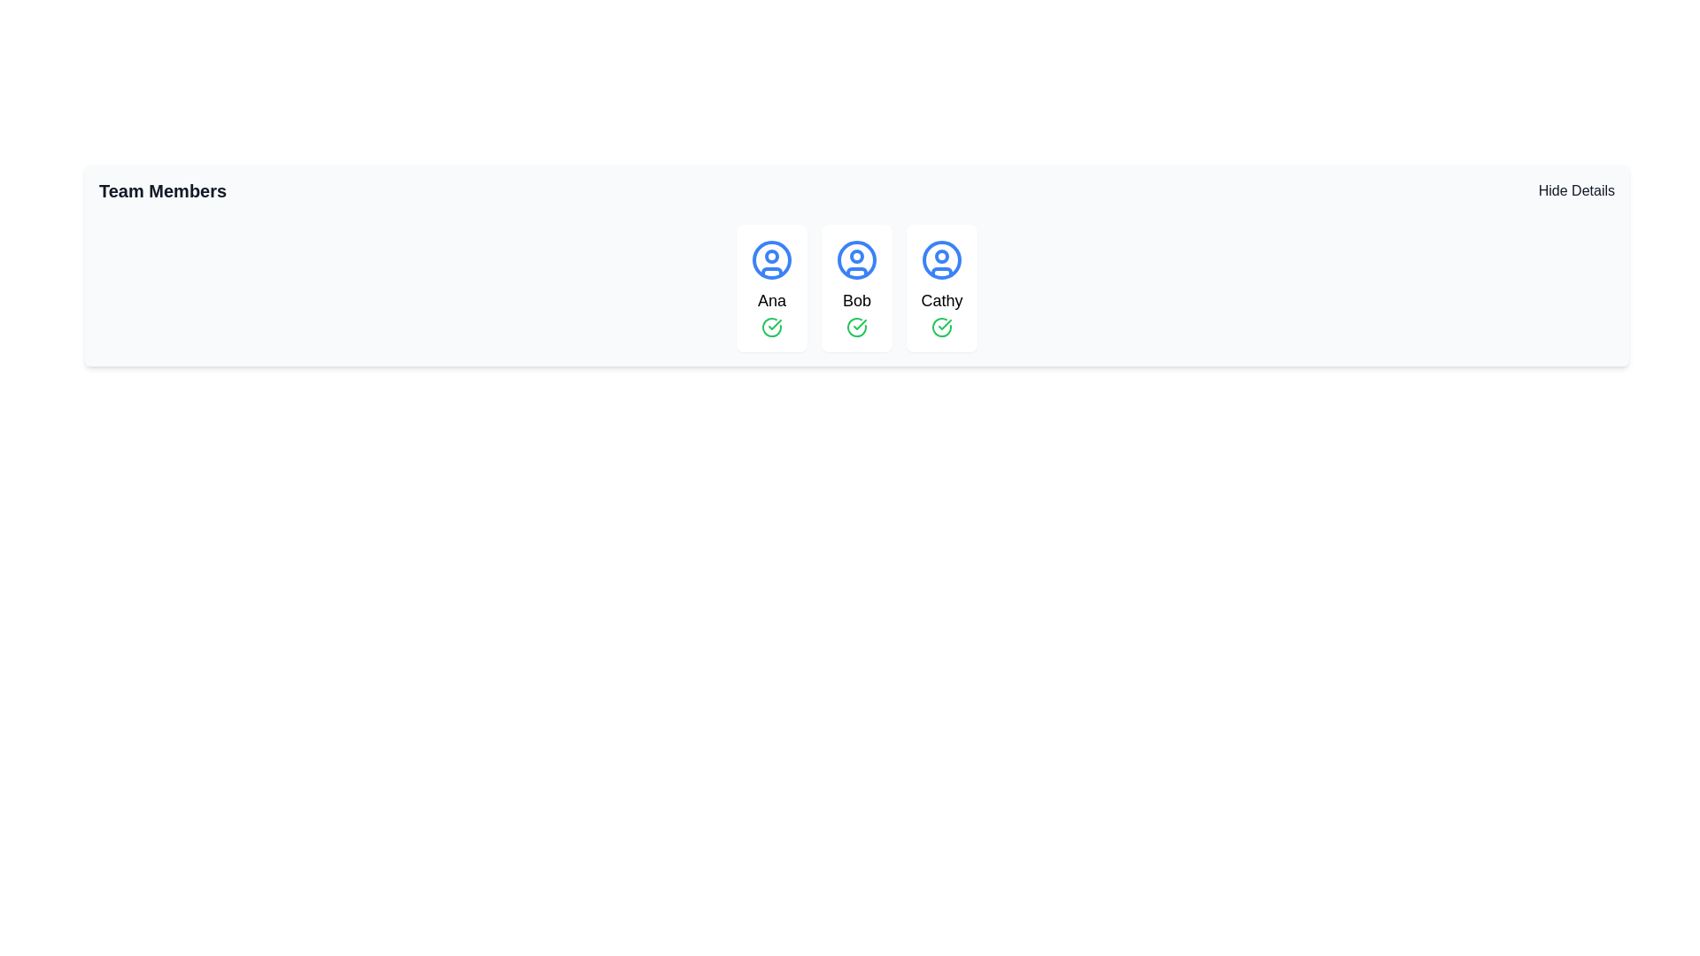 The image size is (1700, 956). Describe the element at coordinates (941, 328) in the screenshot. I see `green circular check mark icon indicating approval or completion located within the profile card labeled 'Cathy', which is centered horizontally below the name label` at that location.